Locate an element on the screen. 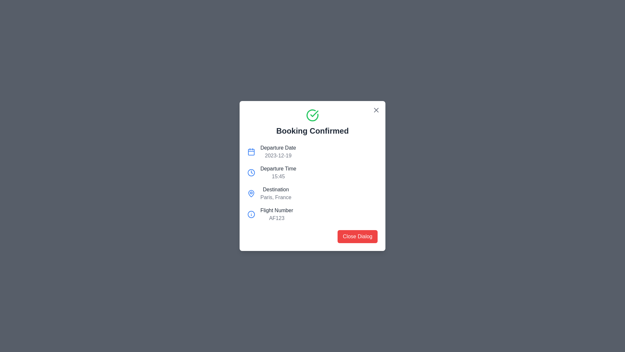 This screenshot has height=352, width=625. the close button with an 'X' icon in the top-right corner of the 'Booking Confirmed' dialog is located at coordinates (376, 110).